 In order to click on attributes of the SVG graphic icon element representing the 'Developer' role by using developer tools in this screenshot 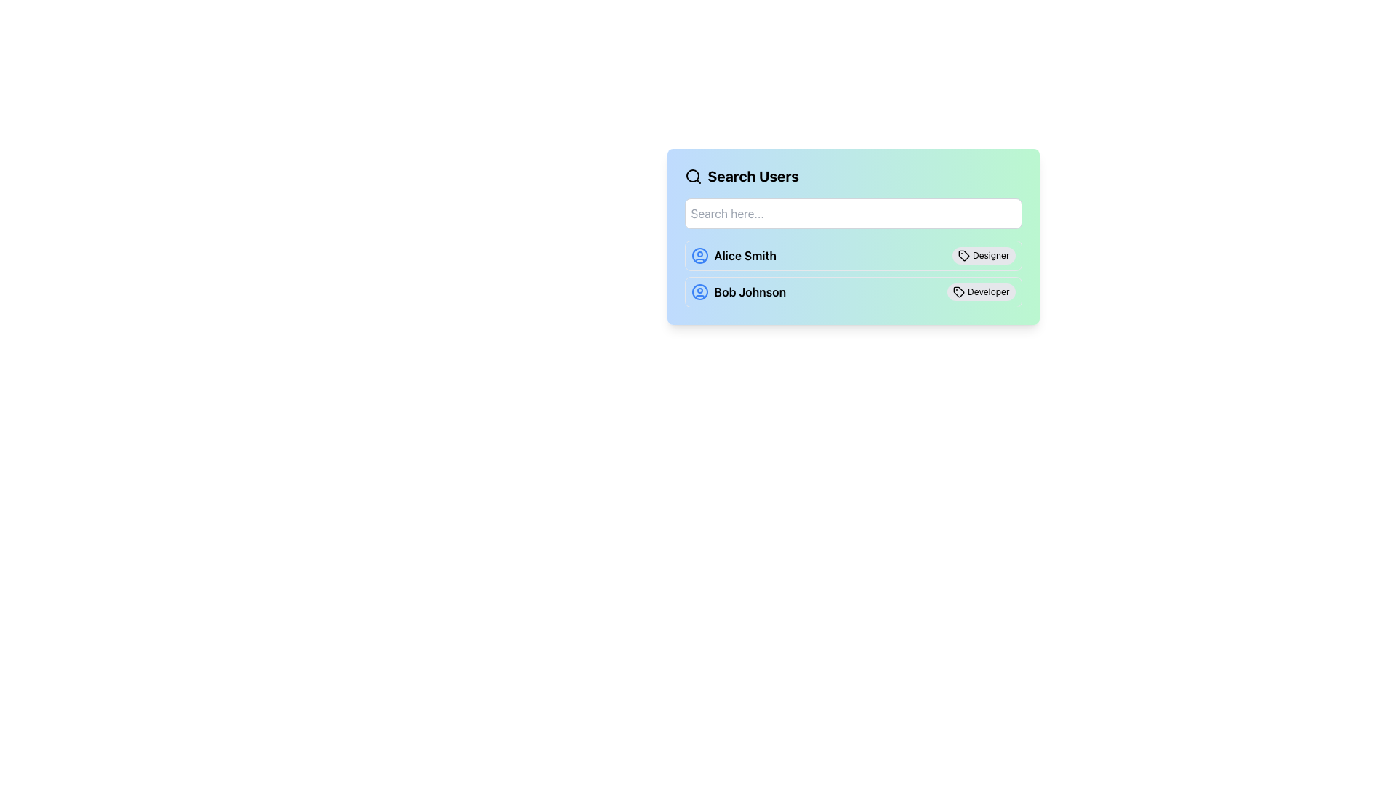, I will do `click(959, 291)`.